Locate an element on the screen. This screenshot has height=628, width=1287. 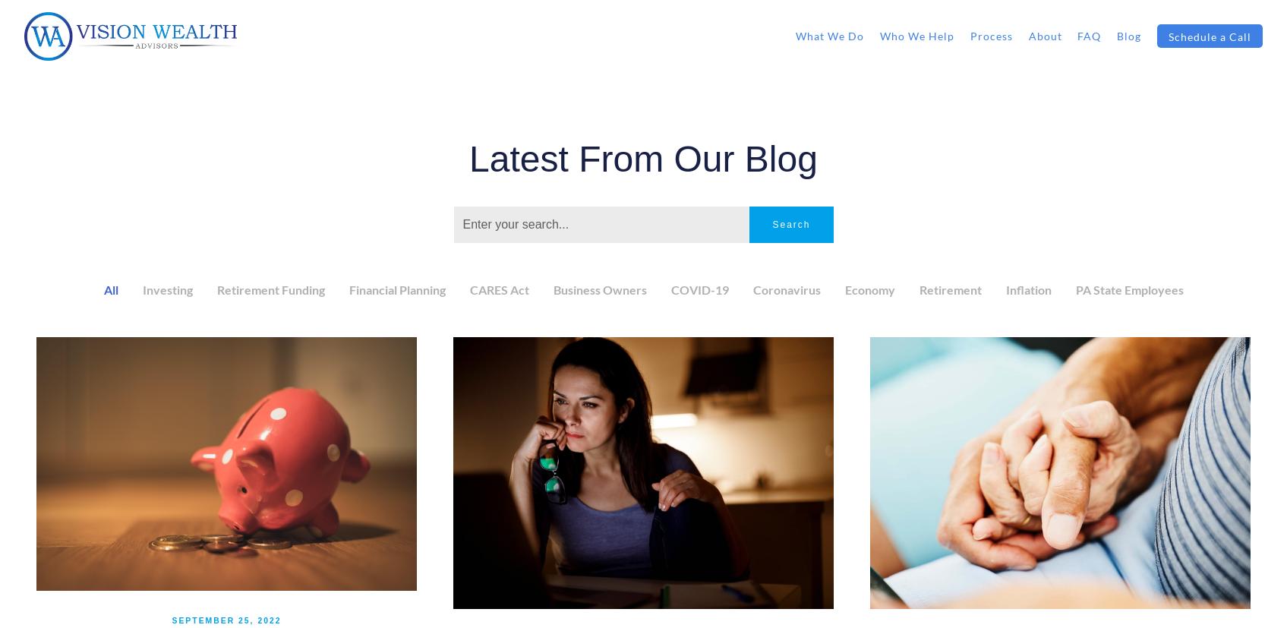
'Retirement Funding' is located at coordinates (269, 289).